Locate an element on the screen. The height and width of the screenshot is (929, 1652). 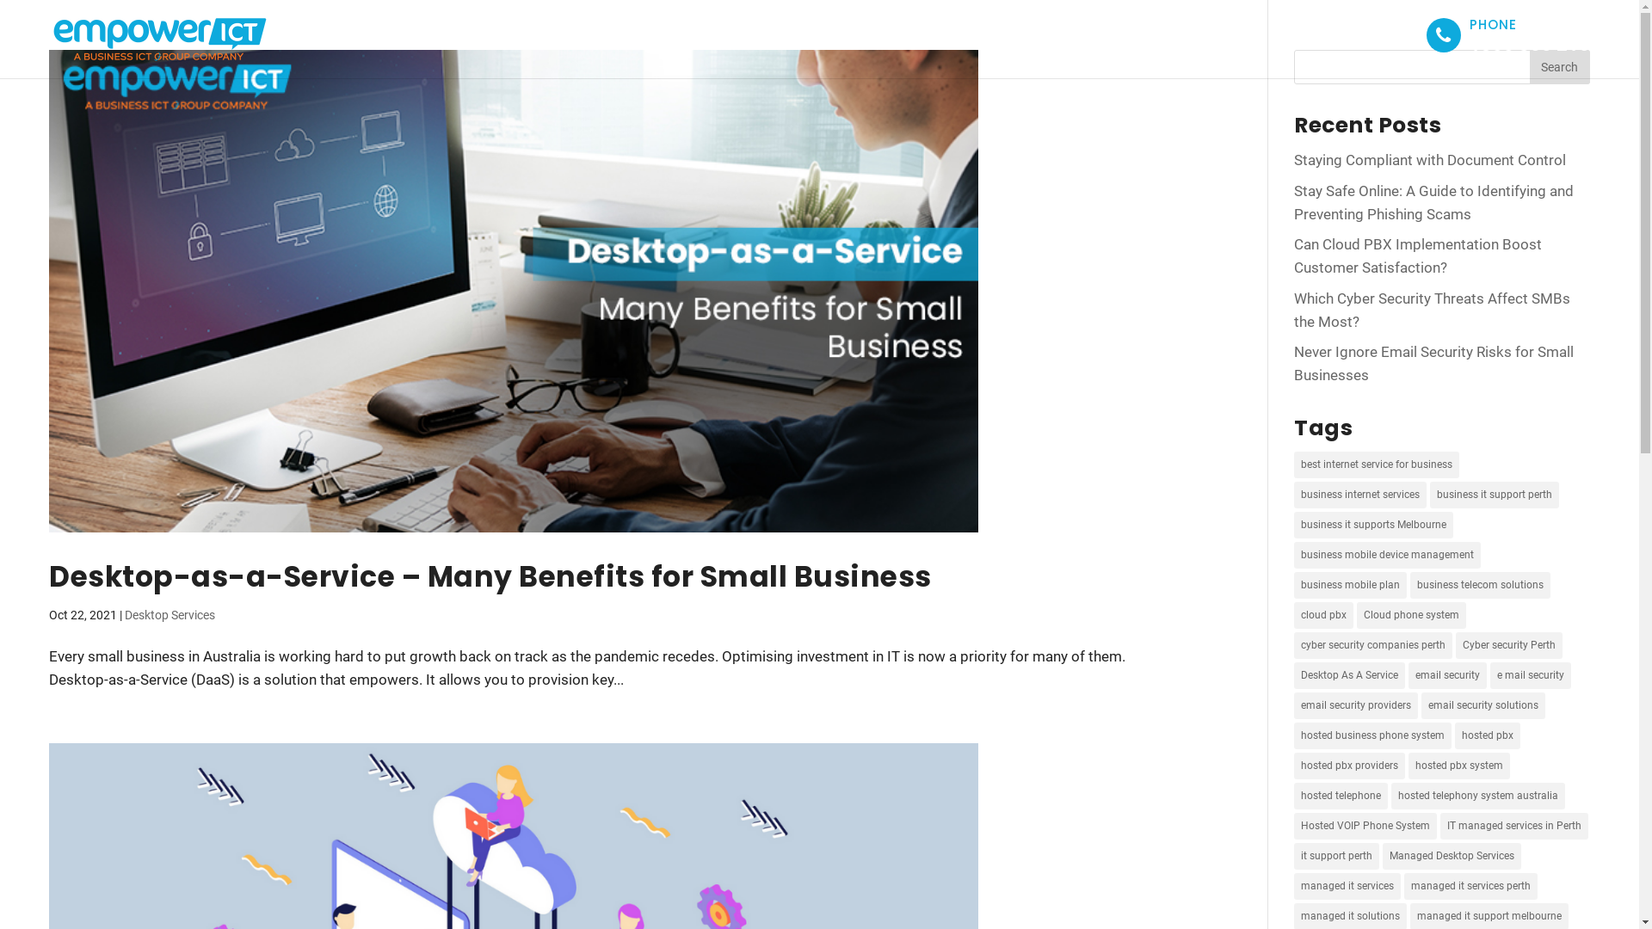
'cloud pbx' is located at coordinates (1293, 614).